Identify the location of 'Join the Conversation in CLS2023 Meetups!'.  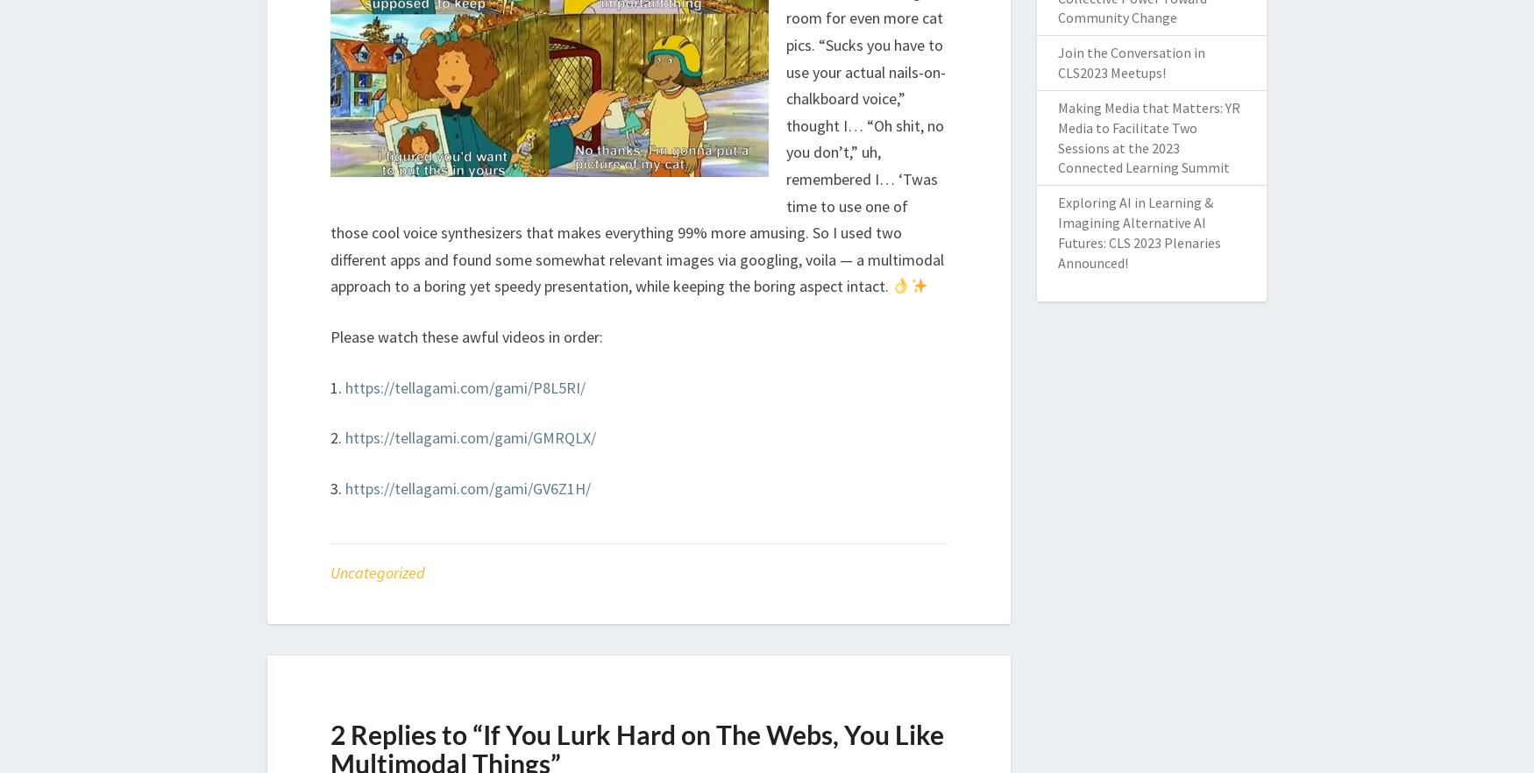
(1129, 62).